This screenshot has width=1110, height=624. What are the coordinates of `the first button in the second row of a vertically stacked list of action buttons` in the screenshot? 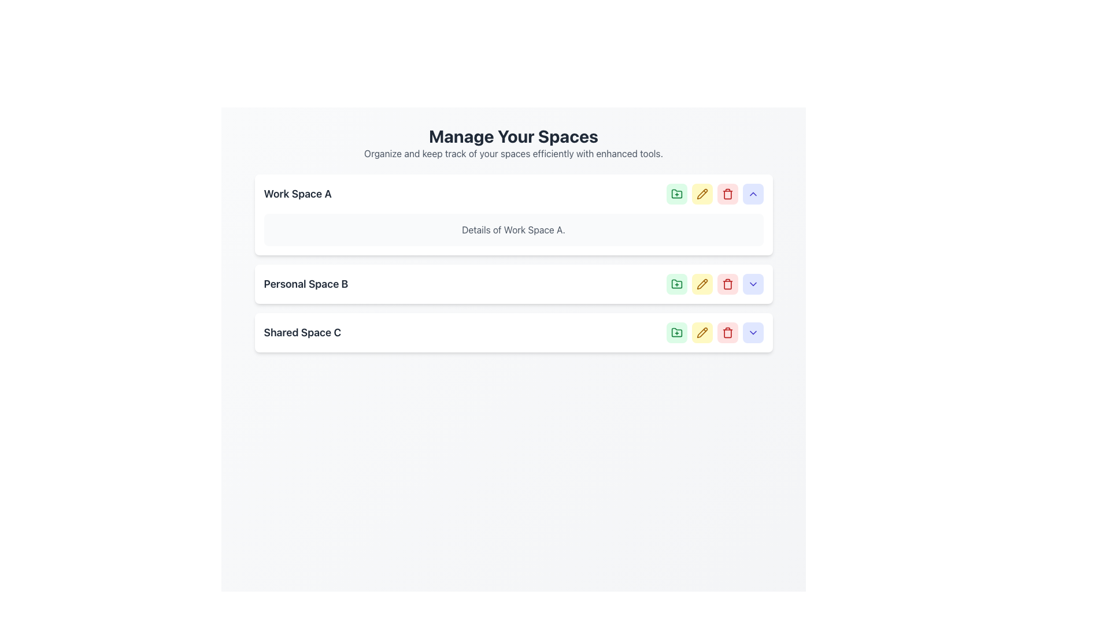 It's located at (676, 284).